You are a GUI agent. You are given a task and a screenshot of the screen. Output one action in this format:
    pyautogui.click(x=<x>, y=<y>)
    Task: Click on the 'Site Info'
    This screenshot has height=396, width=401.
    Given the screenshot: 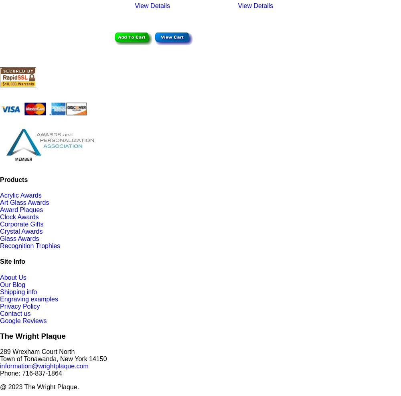 What is the action you would take?
    pyautogui.click(x=0, y=261)
    